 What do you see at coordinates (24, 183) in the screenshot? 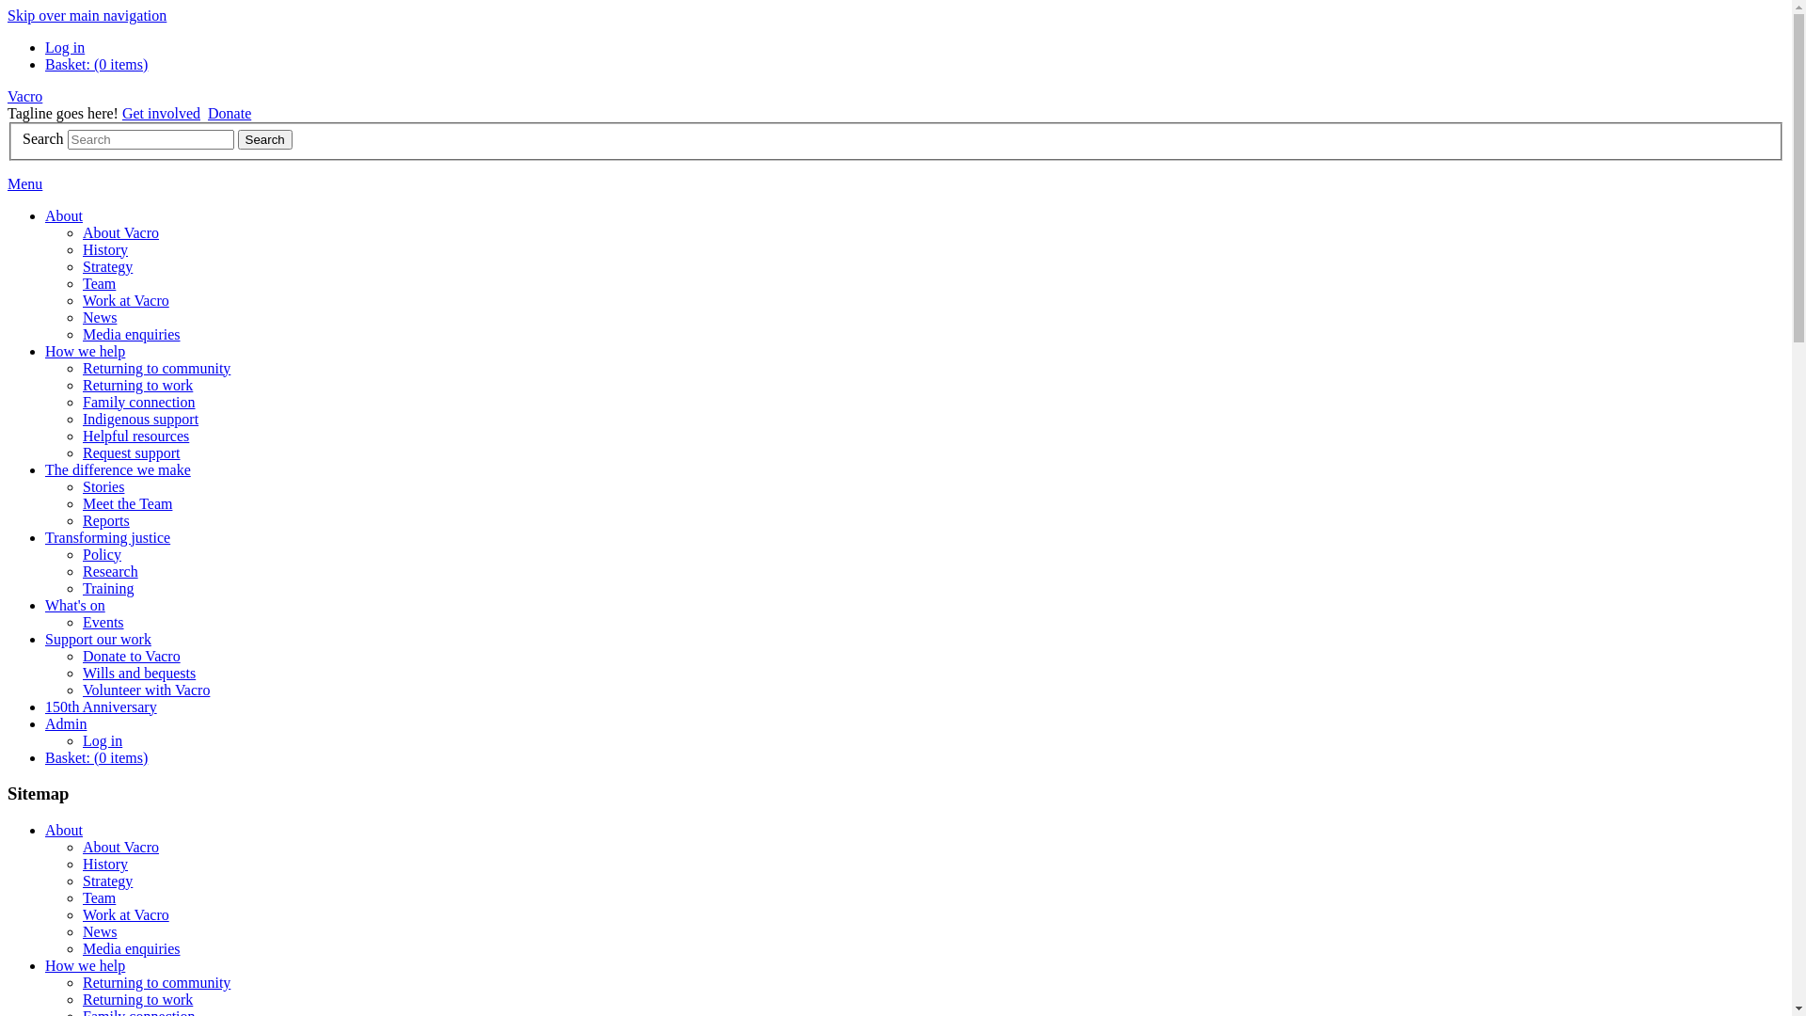
I see `'Menu'` at bounding box center [24, 183].